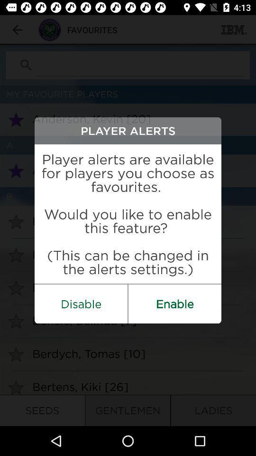  Describe the element at coordinates (81, 303) in the screenshot. I see `the disable` at that location.